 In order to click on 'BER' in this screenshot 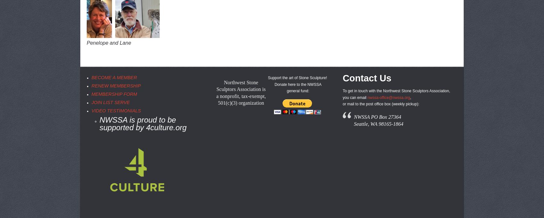, I will do `click(132, 78)`.